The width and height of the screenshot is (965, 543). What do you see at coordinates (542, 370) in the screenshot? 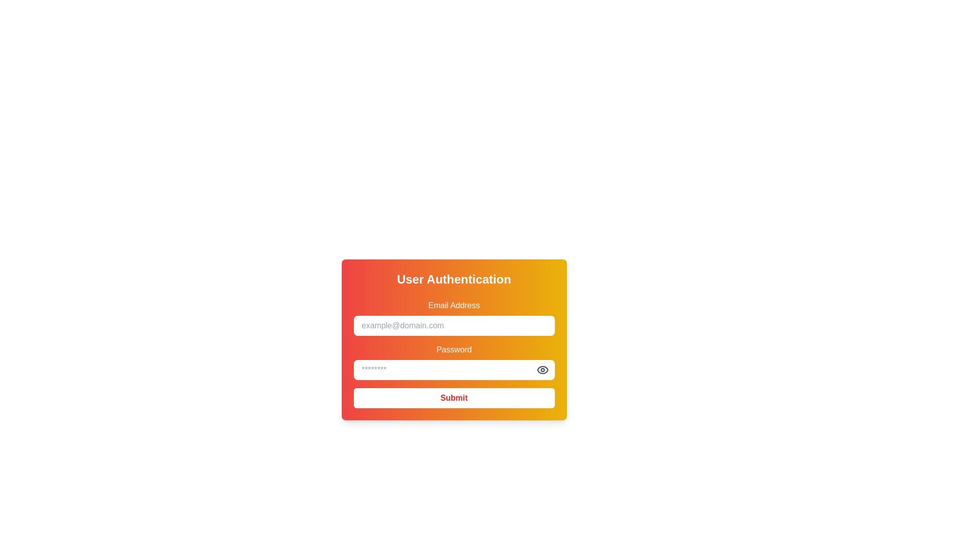
I see `the button with an icon located to the far right of the password input field` at bounding box center [542, 370].